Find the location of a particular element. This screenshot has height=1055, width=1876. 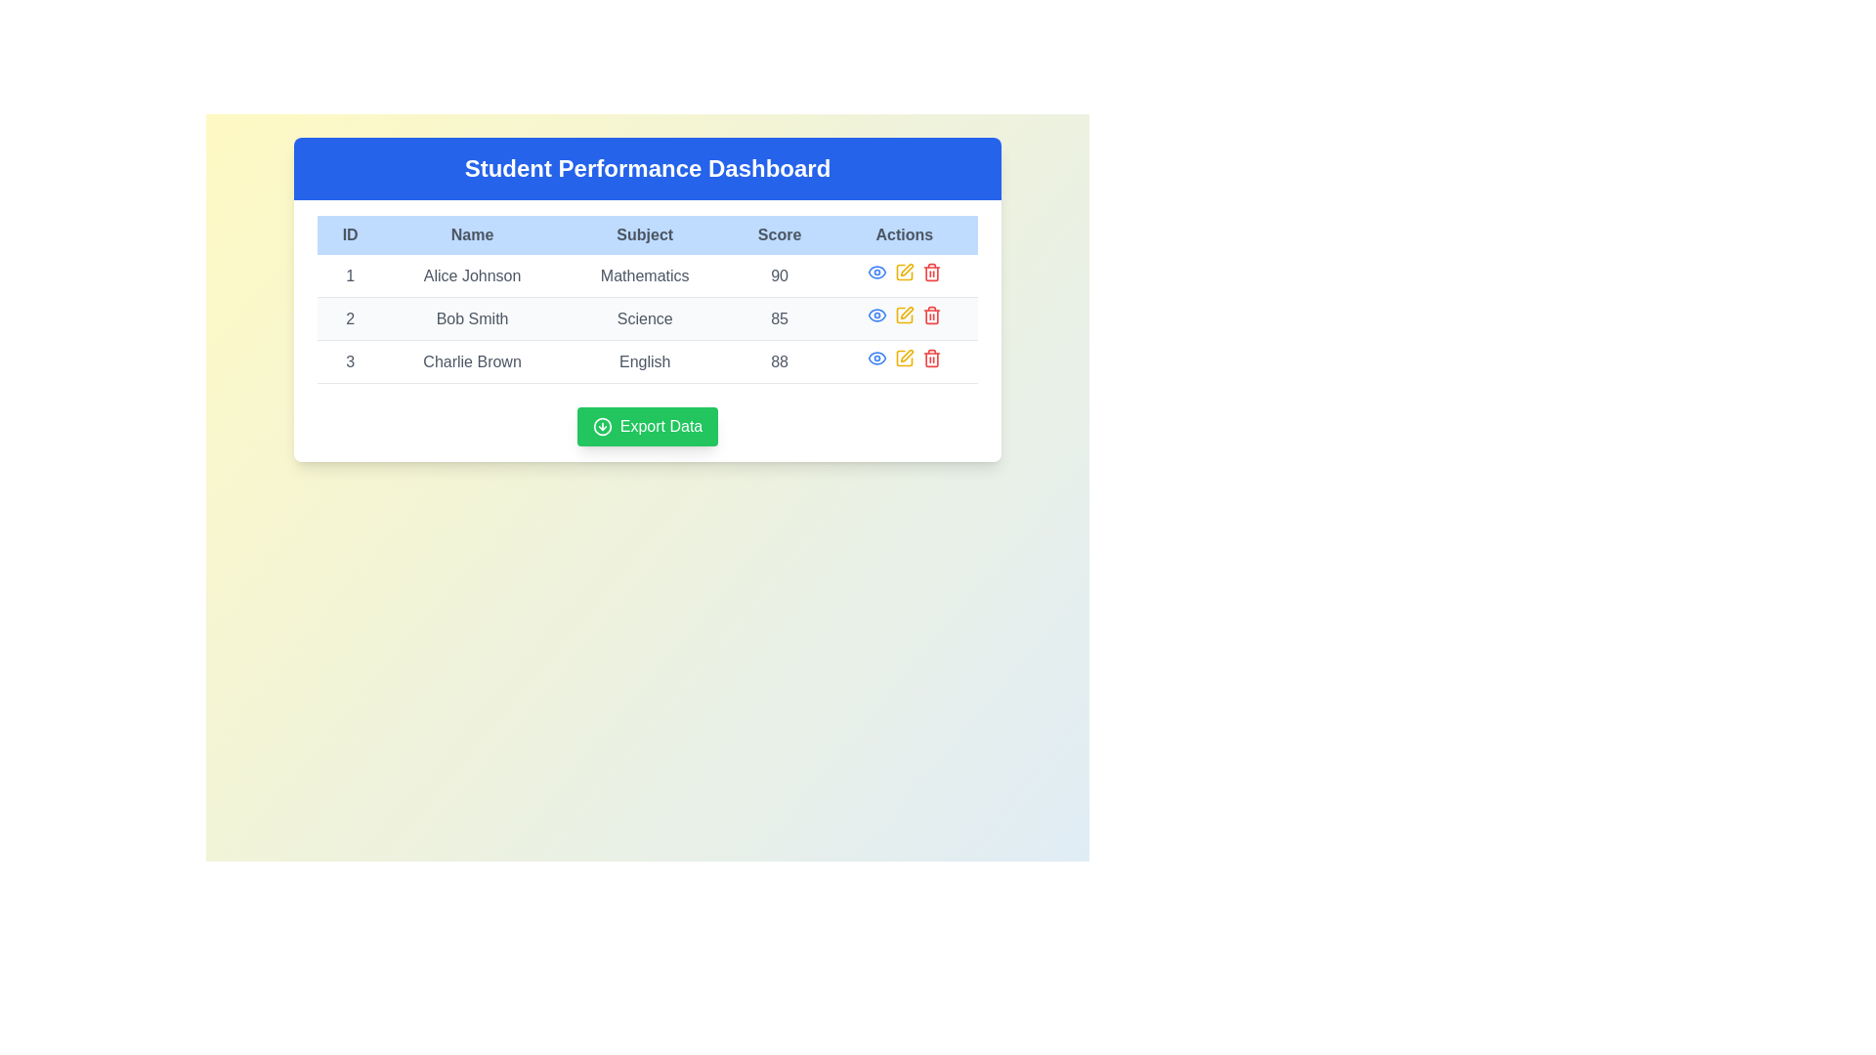

the 'edit' SVG-based button in the 'Actions' column of the third row of the table is located at coordinates (903, 358).